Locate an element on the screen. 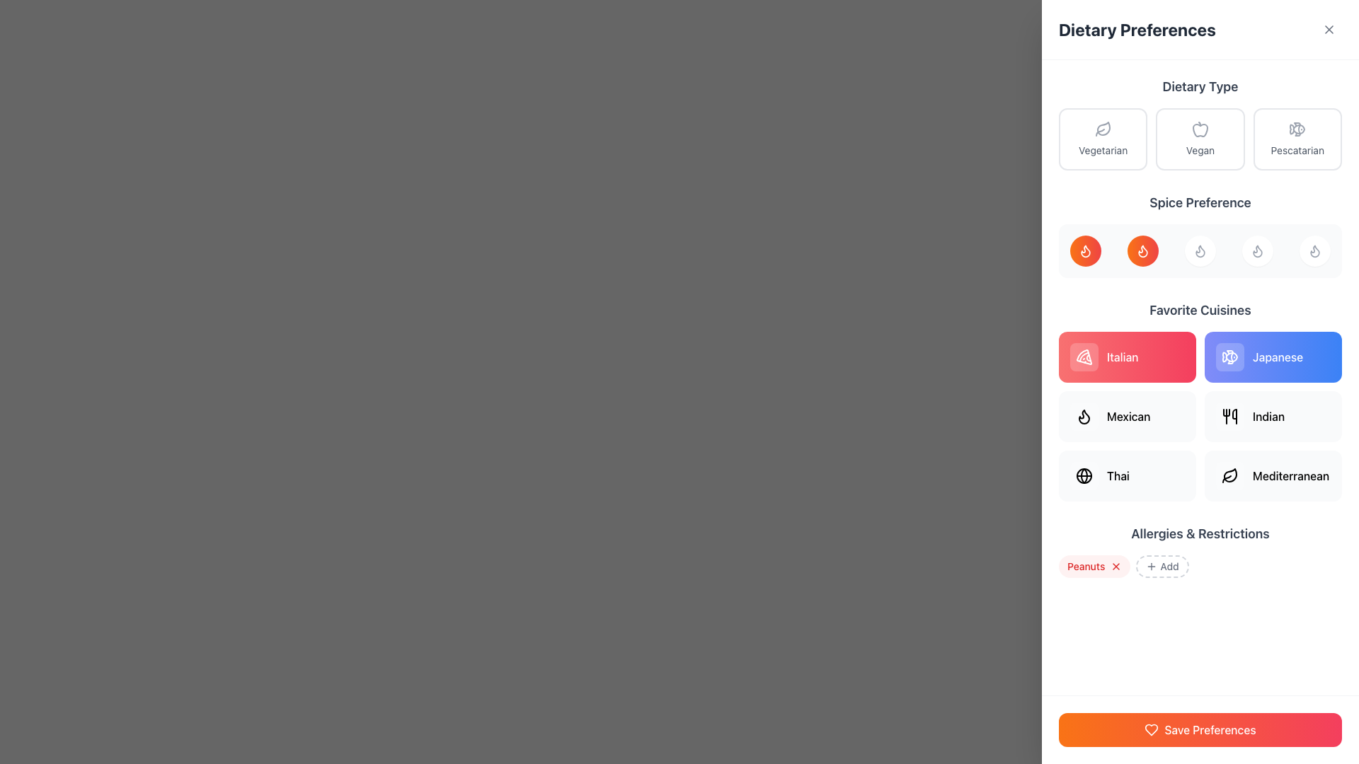  the 'Indian' cuisine icon located in the 'Favorite Cuisines' section, specifically in the top row, fourth column is located at coordinates (1229, 416).